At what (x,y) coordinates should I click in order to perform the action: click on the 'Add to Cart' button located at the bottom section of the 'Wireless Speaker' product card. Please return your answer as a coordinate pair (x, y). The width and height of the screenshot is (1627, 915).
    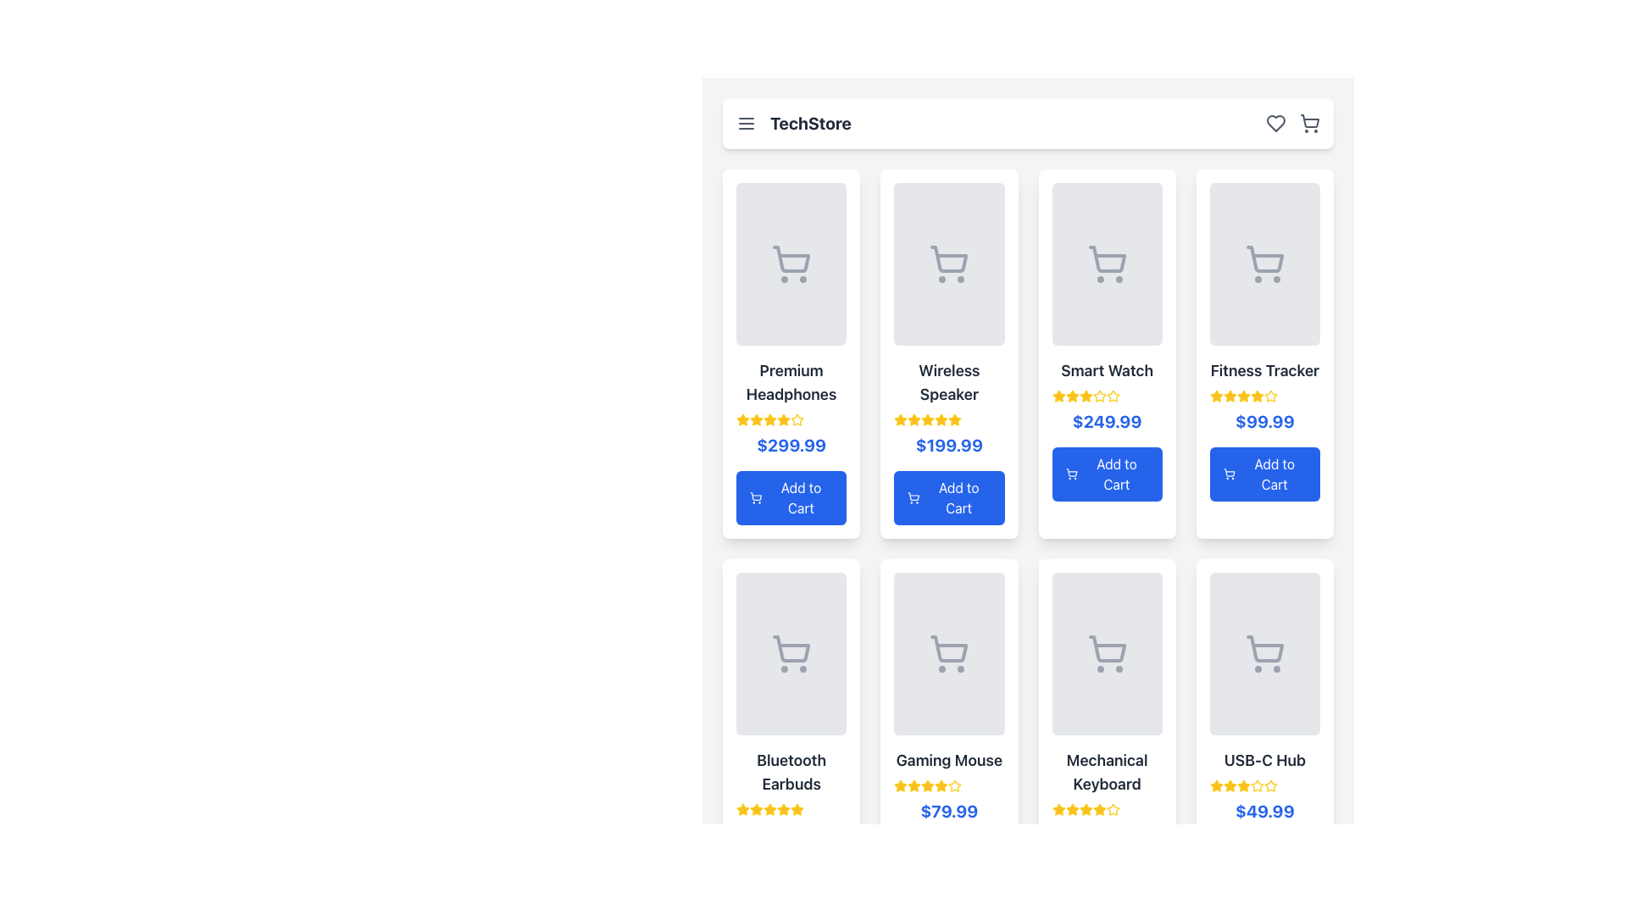
    Looking at the image, I should click on (949, 496).